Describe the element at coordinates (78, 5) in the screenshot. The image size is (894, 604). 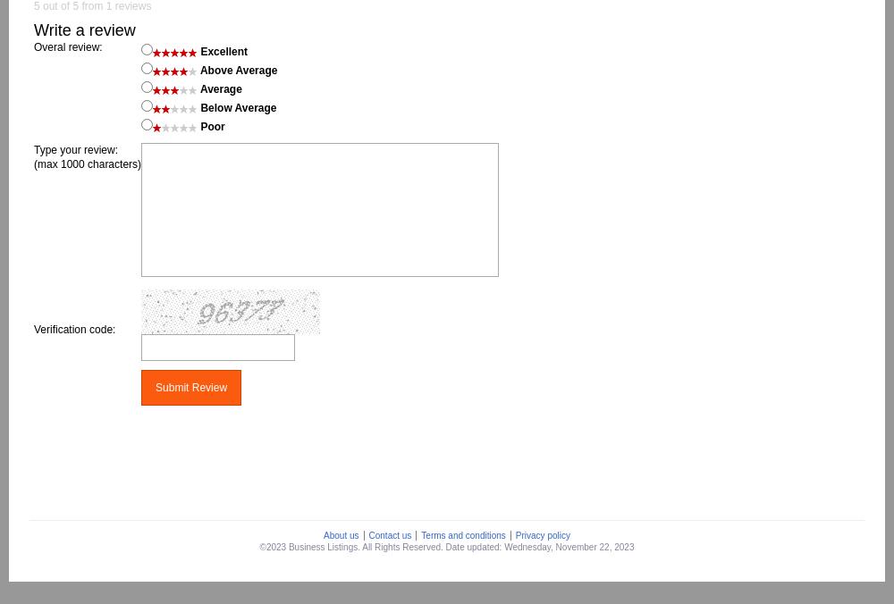
I see `'from'` at that location.